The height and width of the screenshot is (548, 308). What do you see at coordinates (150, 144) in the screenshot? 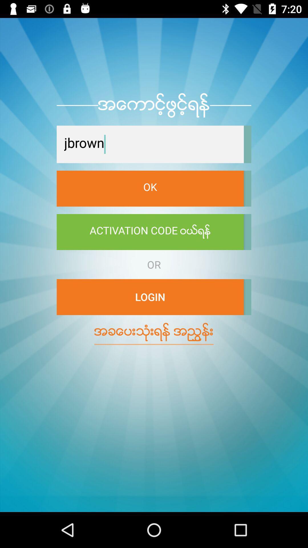
I see `the icon above the ok icon` at bounding box center [150, 144].